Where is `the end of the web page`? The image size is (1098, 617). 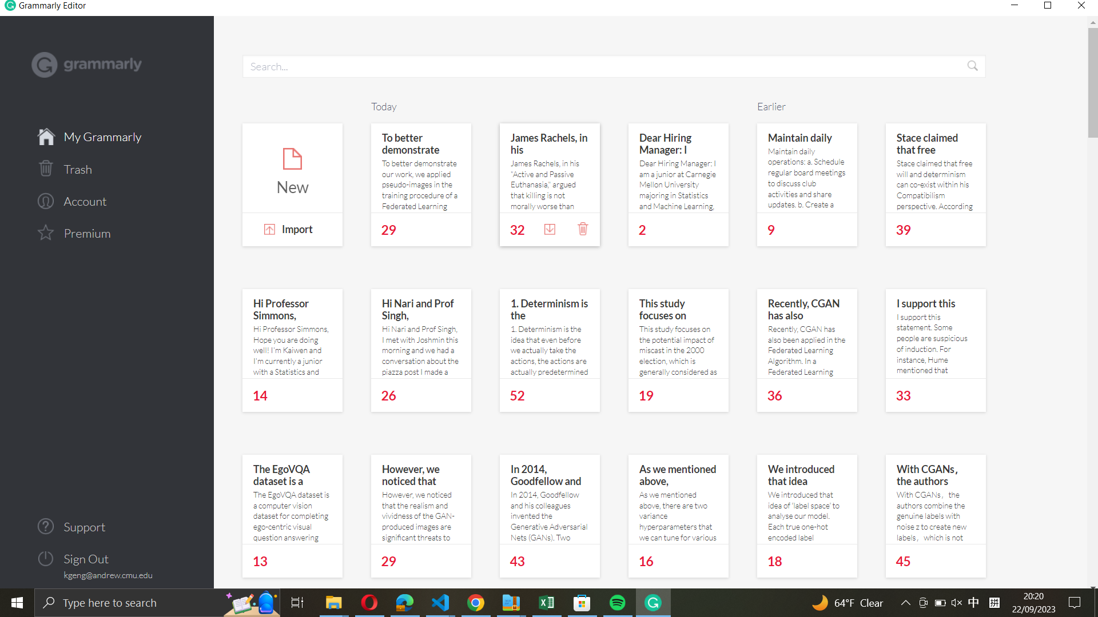
the end of the web page is located at coordinates (1091, 532).